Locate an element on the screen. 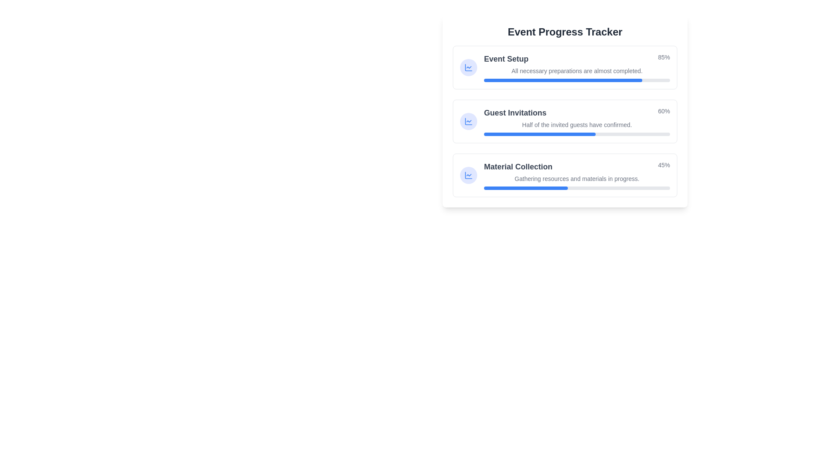 The width and height of the screenshot is (821, 462). displayed percentage from the small text block showing '85%' in light gray font, located in the top-right corner of the 'Event Setup' section in the Event Progress Tracker interface is located at coordinates (663, 59).